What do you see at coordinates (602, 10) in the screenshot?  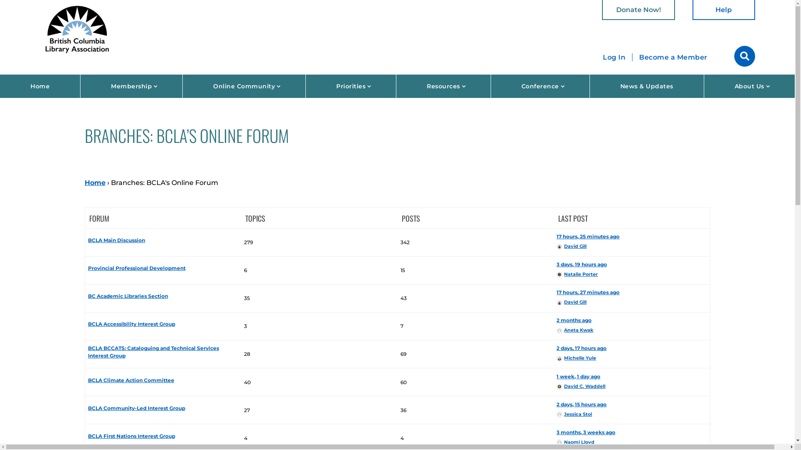 I see `'Donate Now!'` at bounding box center [602, 10].